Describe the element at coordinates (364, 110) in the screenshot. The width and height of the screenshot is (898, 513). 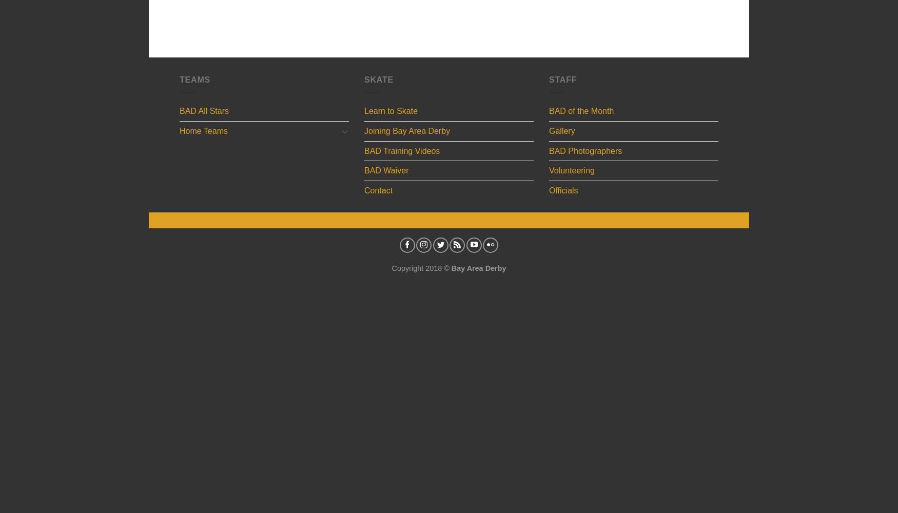
I see `'Learn to Skate'` at that location.